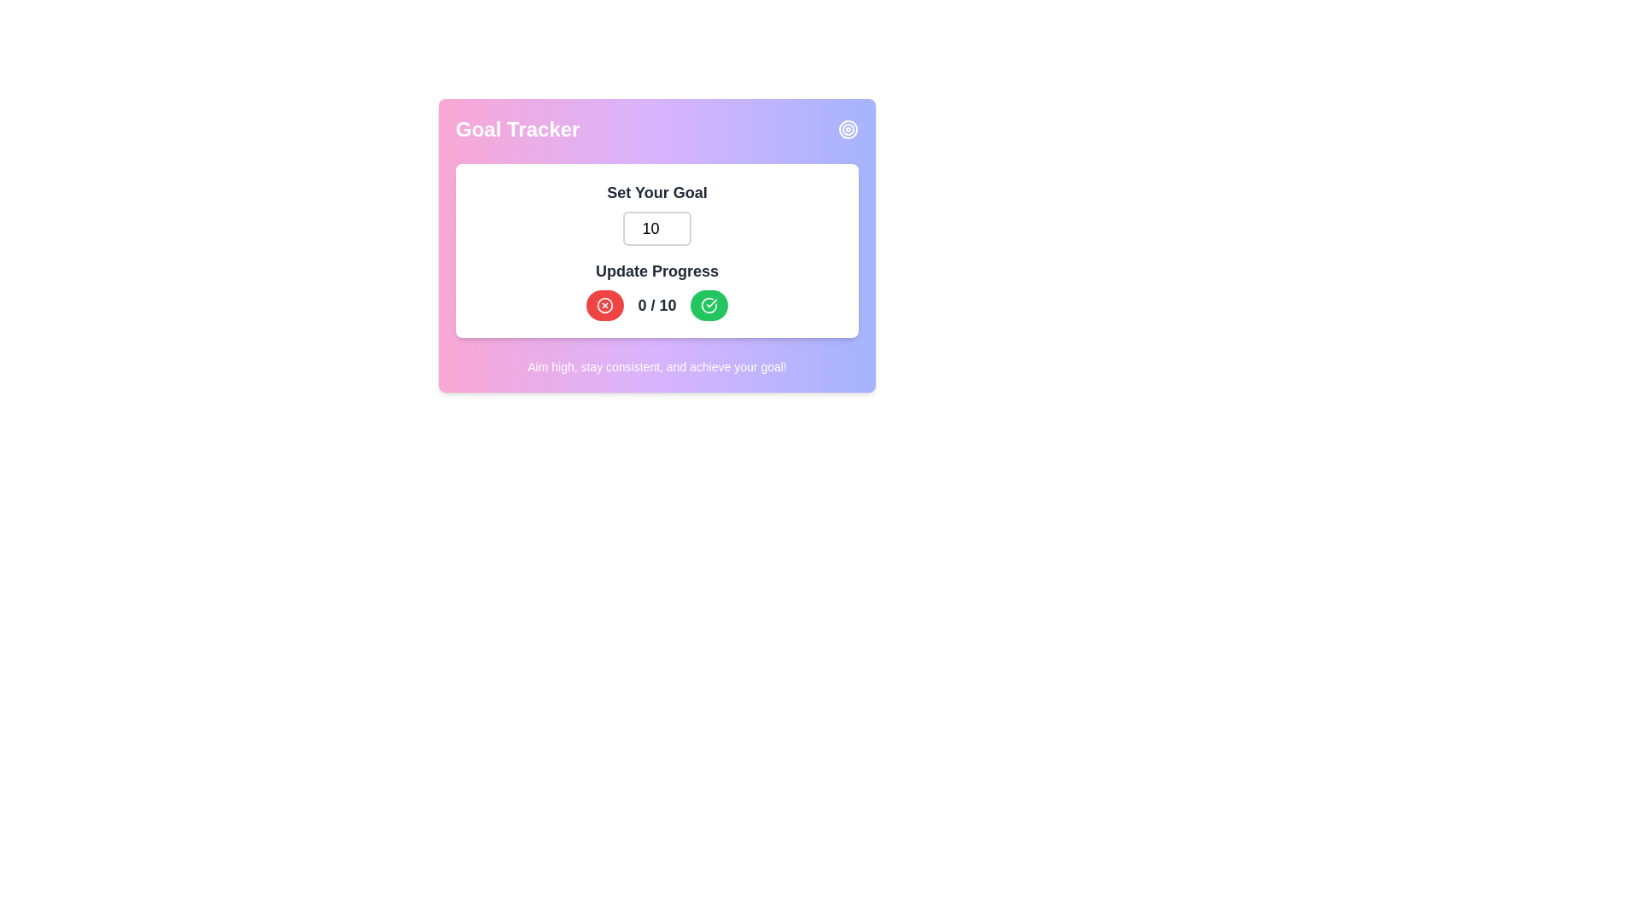  What do you see at coordinates (605, 305) in the screenshot?
I see `the circular red icon with a white 'X' symbol, which is part of the goal tracker interface and located in the central area of the goal tracking panel` at bounding box center [605, 305].